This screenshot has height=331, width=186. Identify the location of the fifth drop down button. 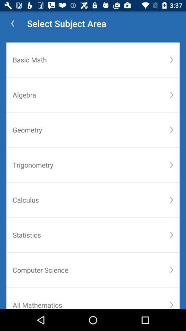
(171, 200).